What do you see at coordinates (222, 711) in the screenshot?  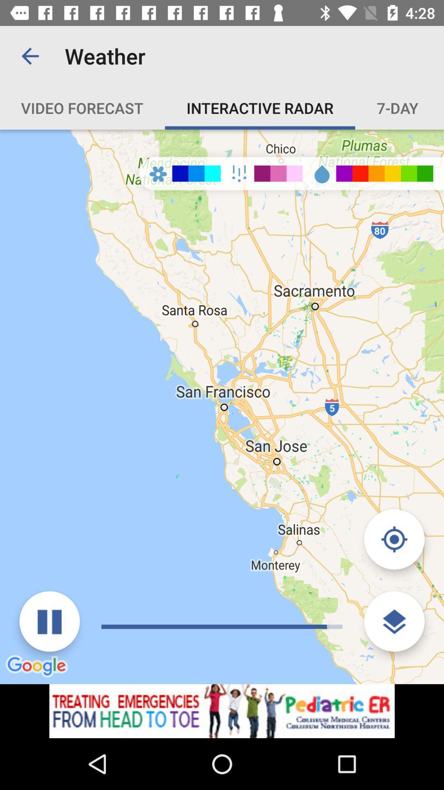 I see `advertisement` at bounding box center [222, 711].